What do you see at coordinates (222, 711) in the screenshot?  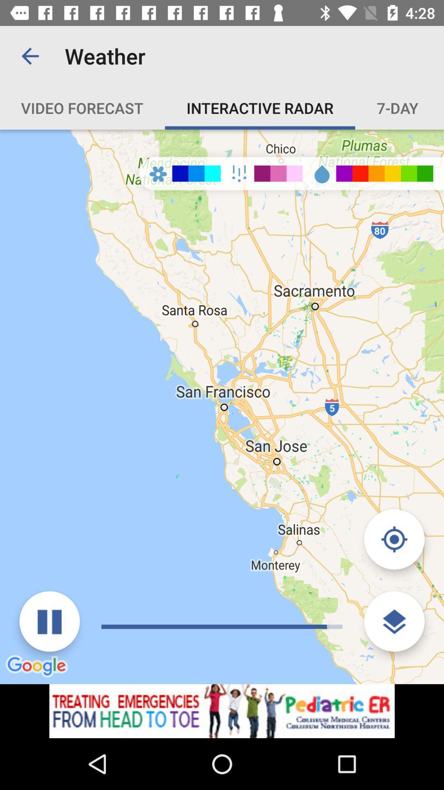 I see `advertisement` at bounding box center [222, 711].